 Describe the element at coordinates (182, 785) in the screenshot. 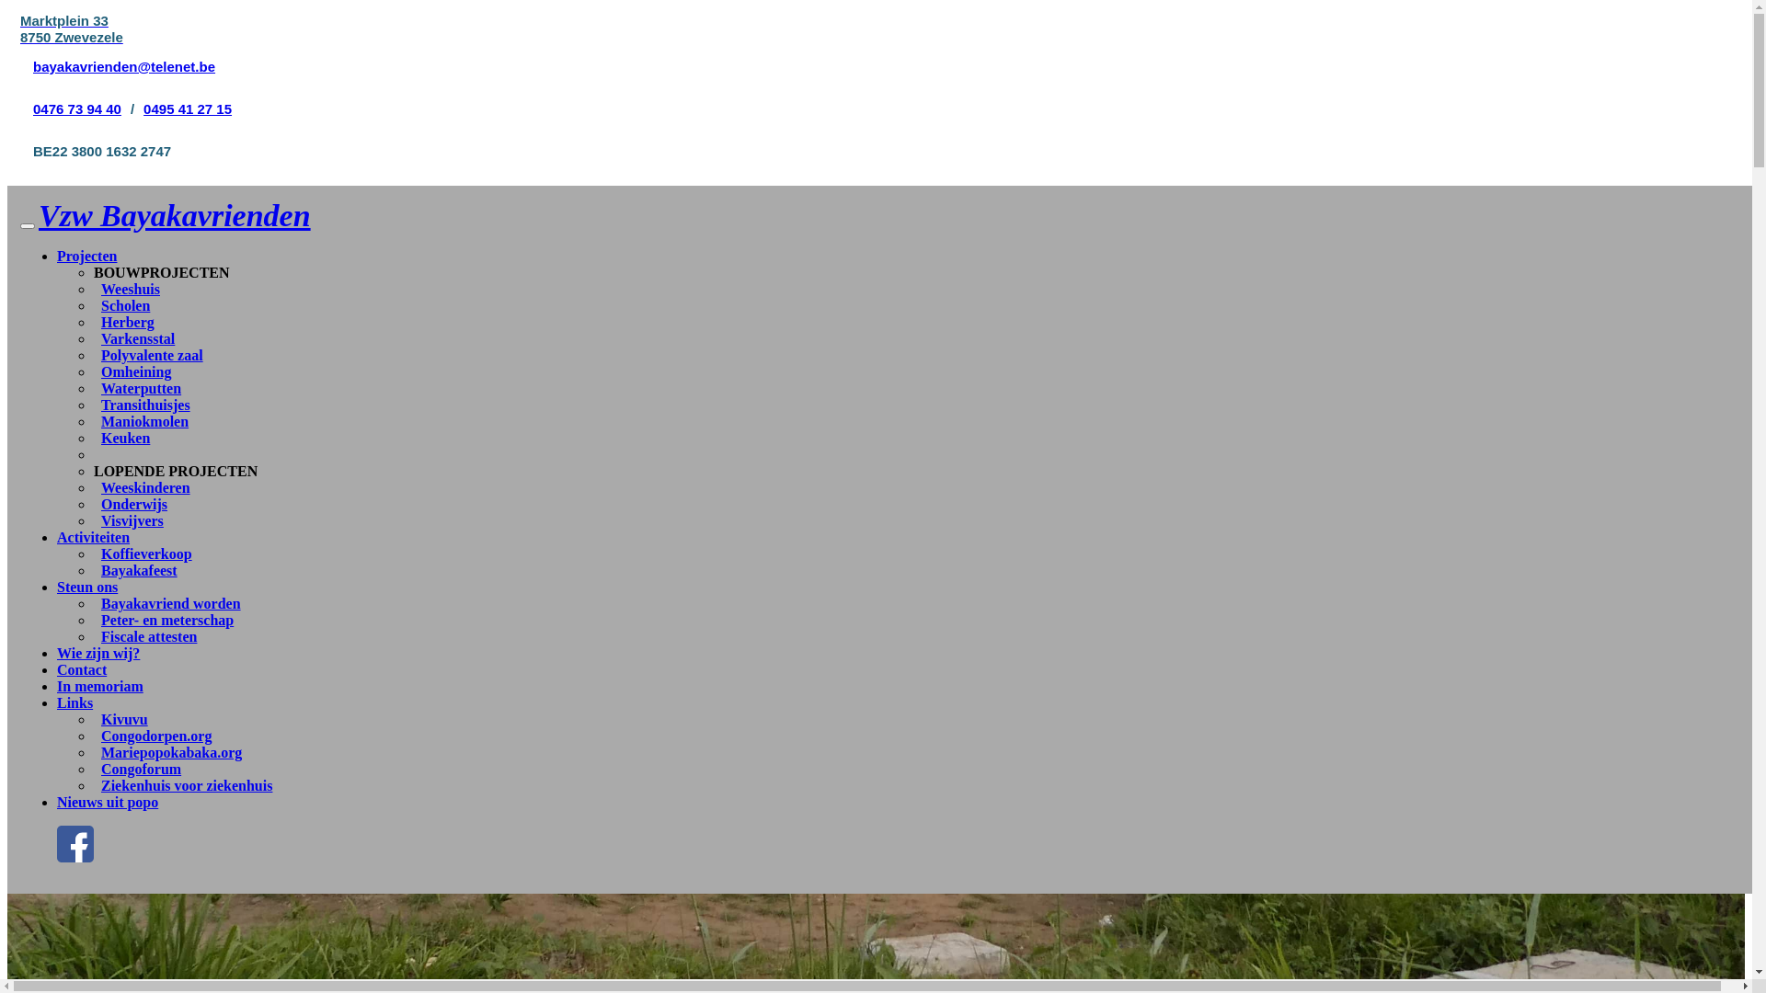

I see `'Ziekenhuis voor ziekenhuis'` at that location.